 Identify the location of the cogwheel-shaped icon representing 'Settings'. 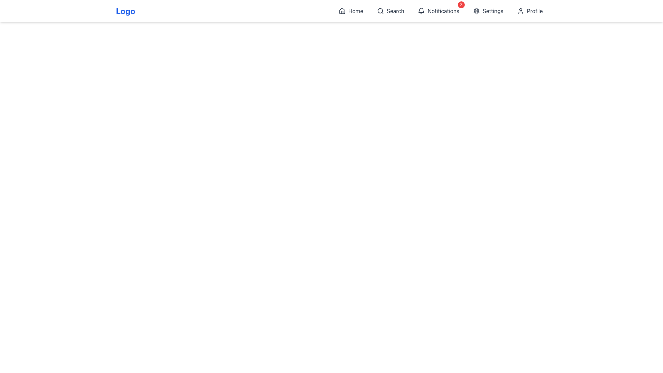
(476, 11).